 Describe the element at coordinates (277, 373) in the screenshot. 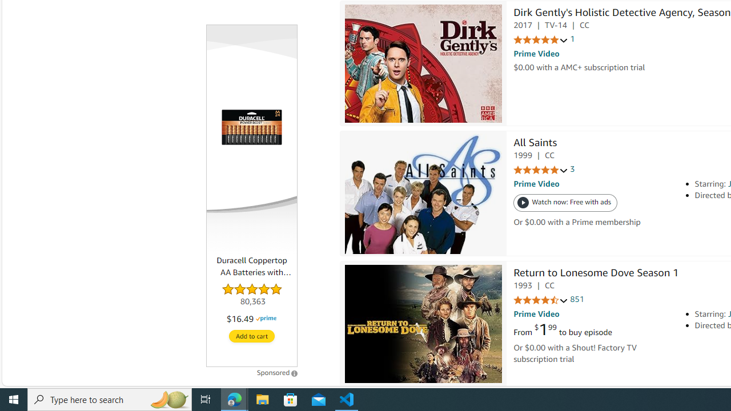

I see `'Leave feedback on Sponsored ad'` at that location.